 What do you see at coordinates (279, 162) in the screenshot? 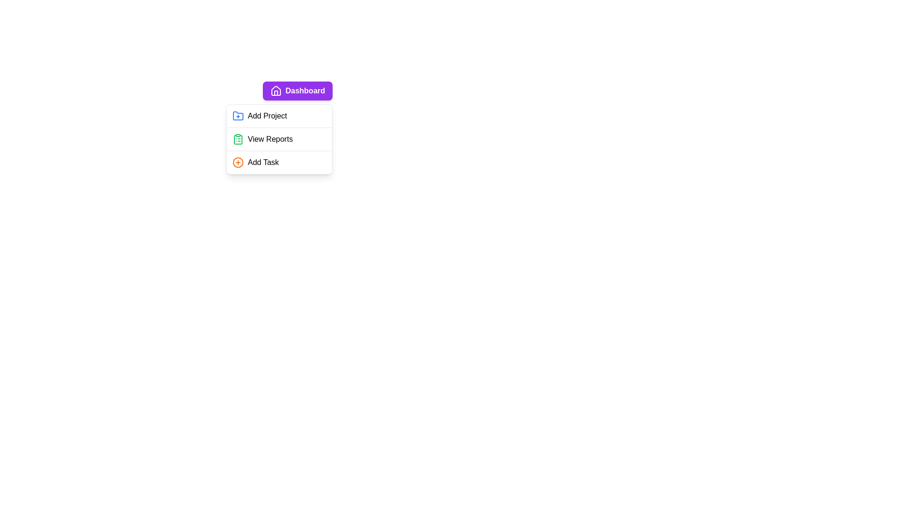
I see `the 'Add Task' menu item to select it` at bounding box center [279, 162].